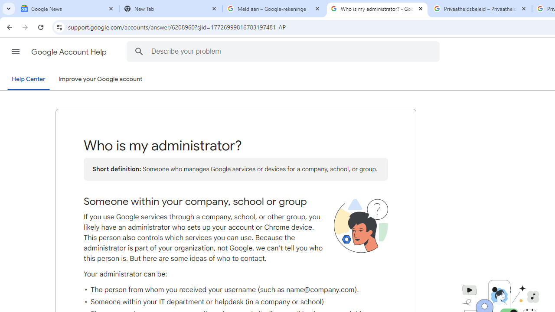  Describe the element at coordinates (100, 79) in the screenshot. I see `'Improve your Google account'` at that location.